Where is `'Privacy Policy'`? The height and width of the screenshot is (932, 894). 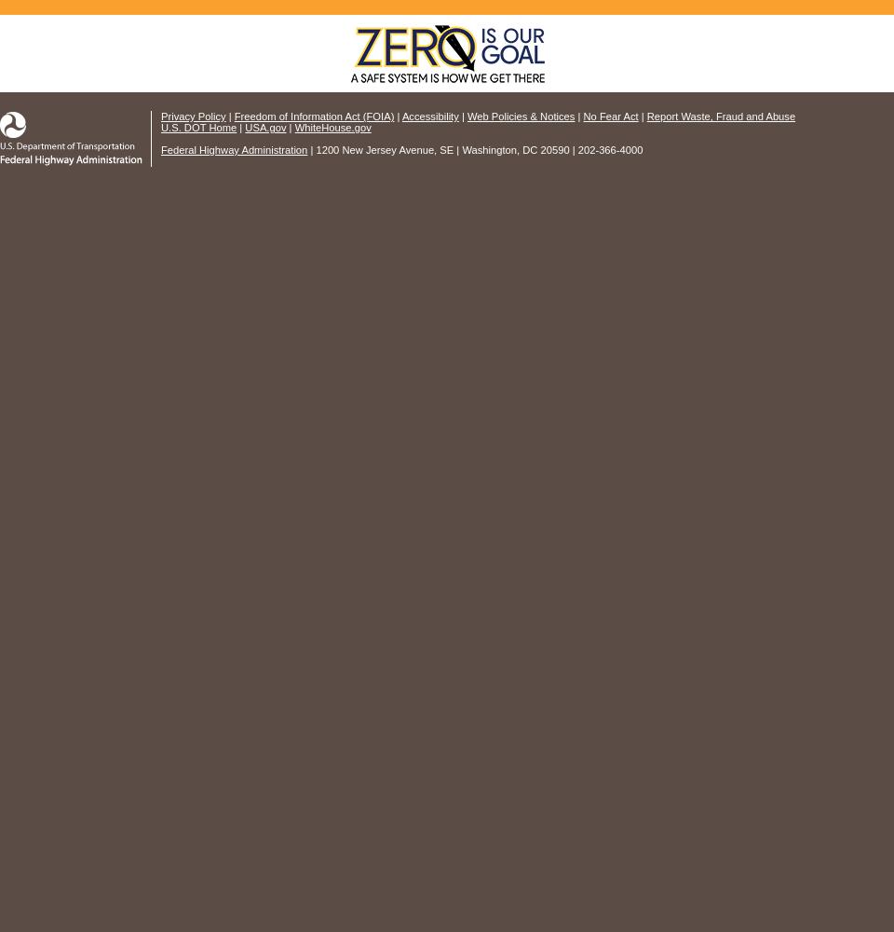 'Privacy Policy' is located at coordinates (193, 116).